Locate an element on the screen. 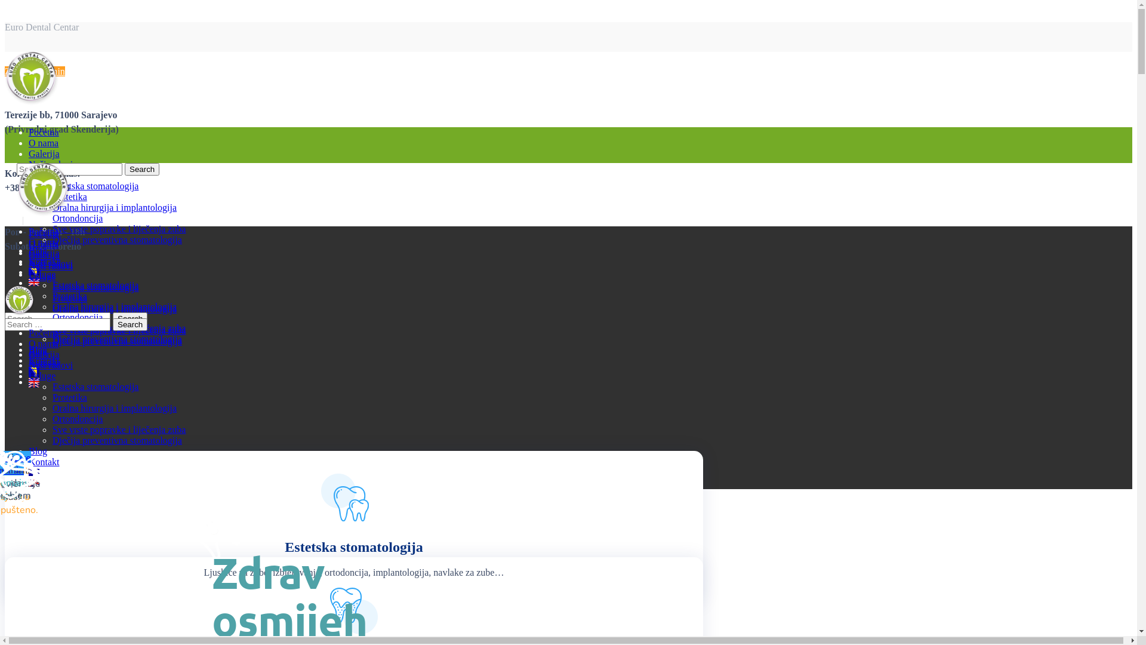 Image resolution: width=1146 pixels, height=645 pixels. 'Protetika' is located at coordinates (69, 196).